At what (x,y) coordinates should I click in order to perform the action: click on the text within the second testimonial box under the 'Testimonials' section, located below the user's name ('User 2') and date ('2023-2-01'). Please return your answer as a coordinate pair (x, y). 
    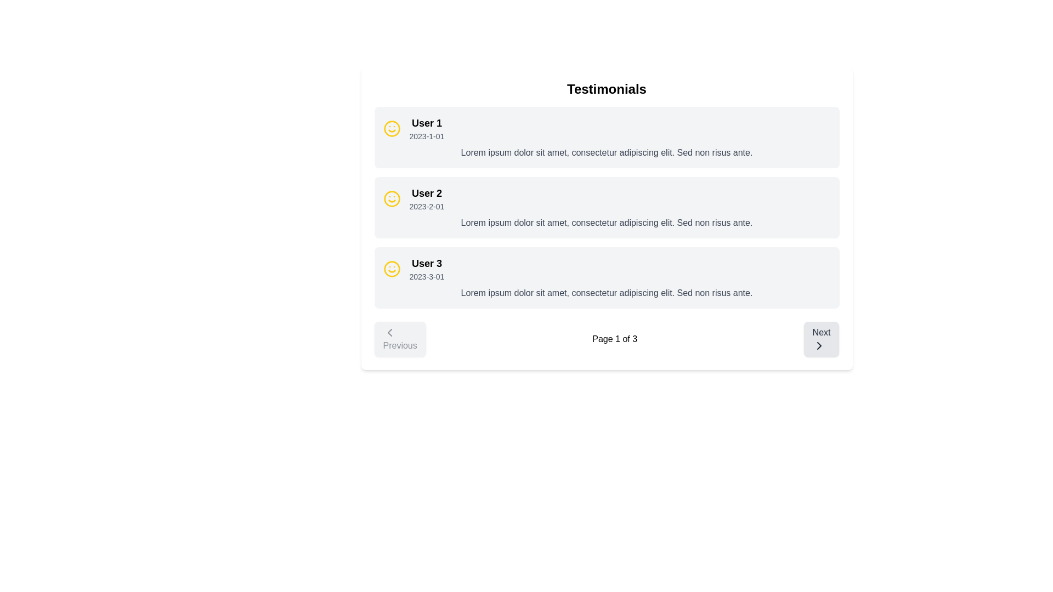
    Looking at the image, I should click on (606, 223).